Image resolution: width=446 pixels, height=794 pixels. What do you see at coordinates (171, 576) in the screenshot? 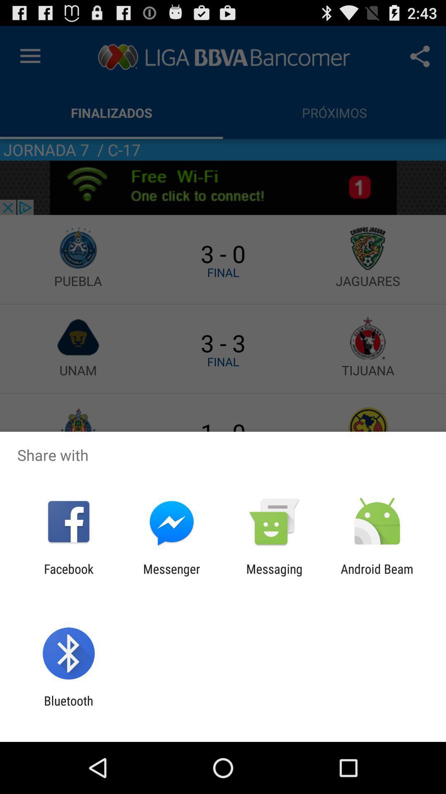
I see `the icon to the left of messaging` at bounding box center [171, 576].